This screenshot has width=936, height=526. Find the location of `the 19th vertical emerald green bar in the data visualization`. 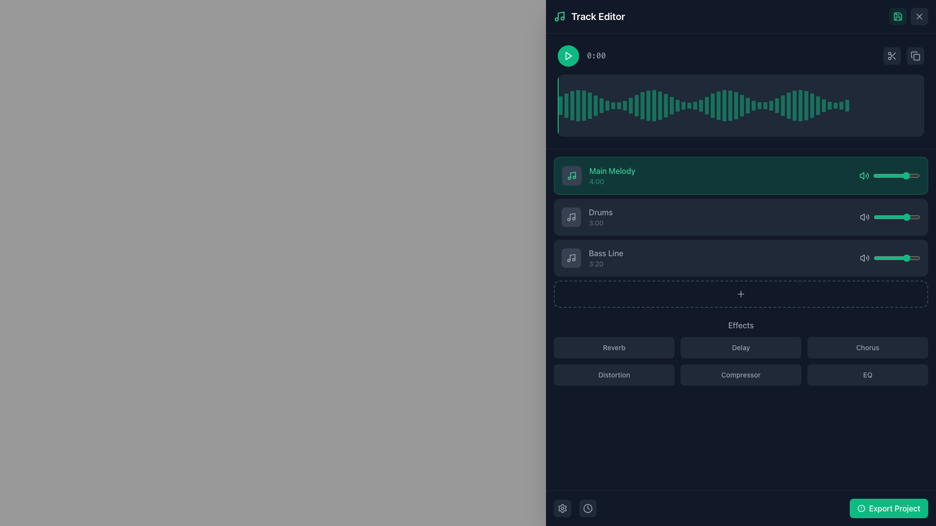

the 19th vertical emerald green bar in the data visualization is located at coordinates (665, 105).